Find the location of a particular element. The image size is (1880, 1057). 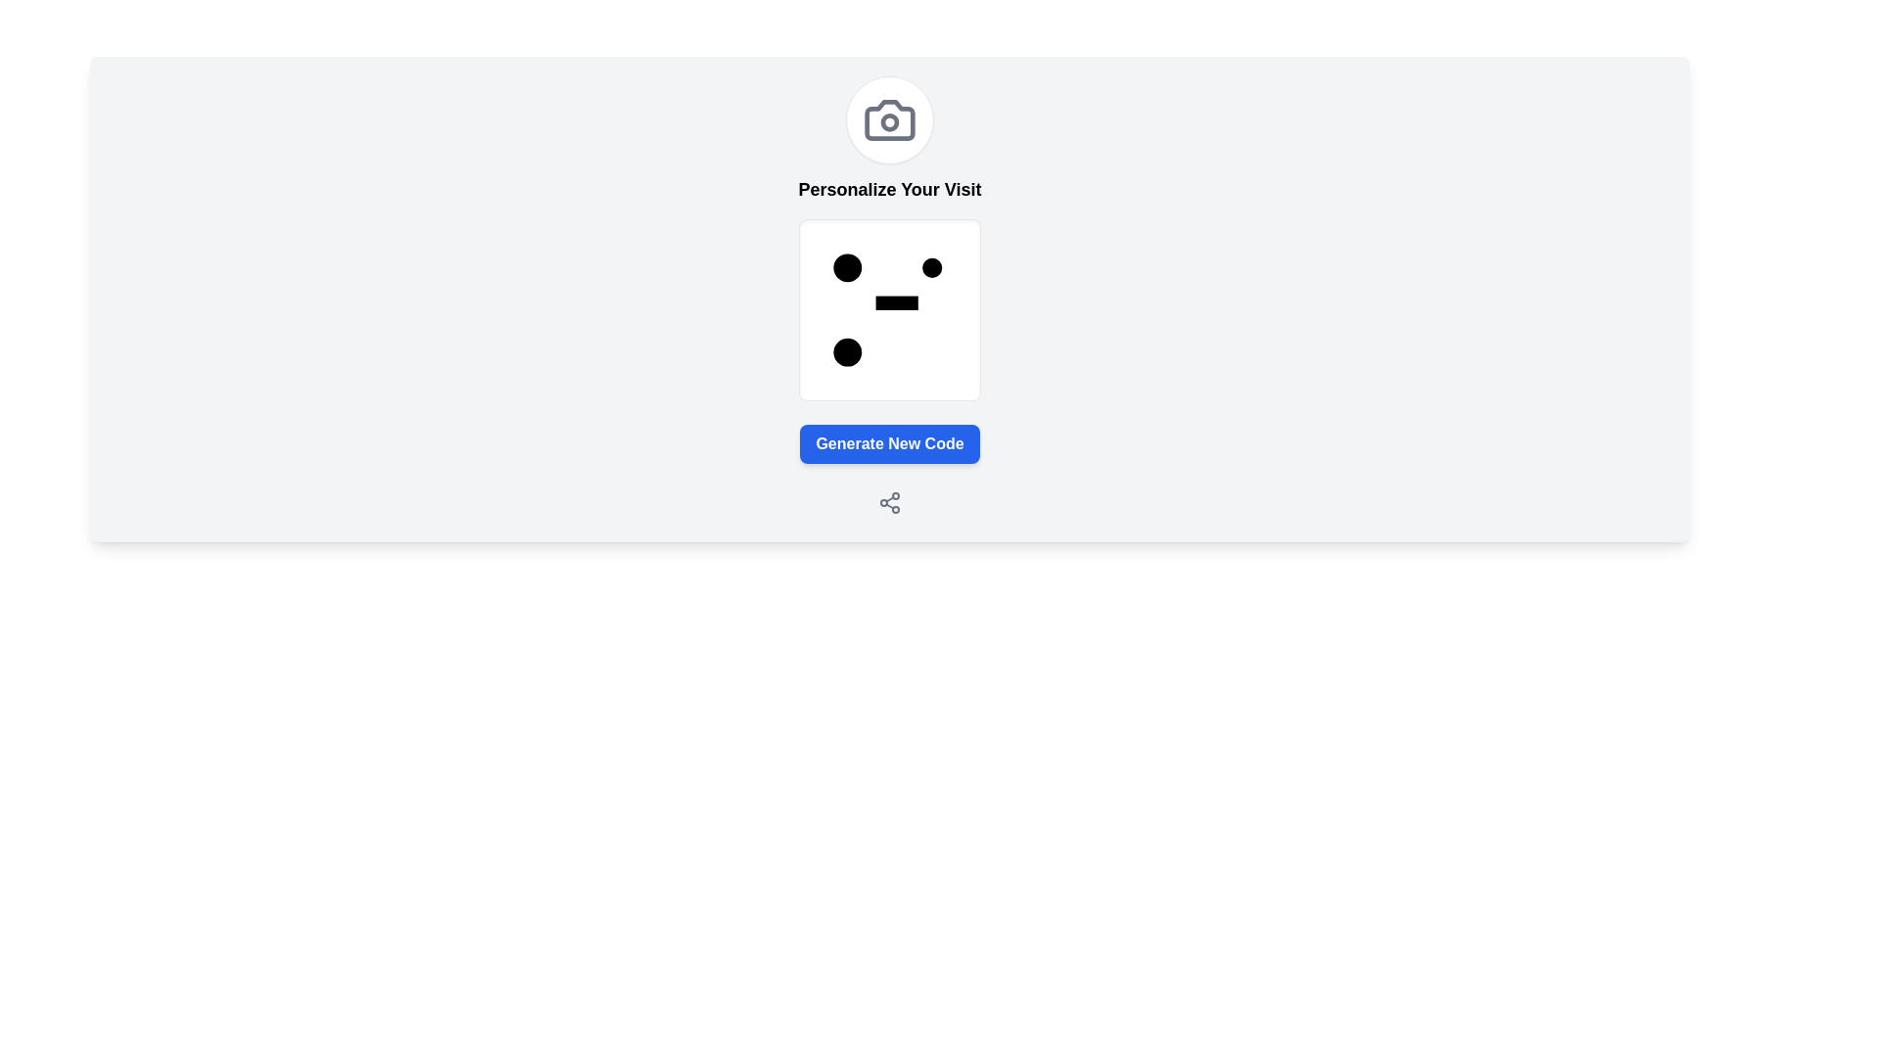

the small black circle located in the top-right corner of the white square graphic element is located at coordinates (931, 267).